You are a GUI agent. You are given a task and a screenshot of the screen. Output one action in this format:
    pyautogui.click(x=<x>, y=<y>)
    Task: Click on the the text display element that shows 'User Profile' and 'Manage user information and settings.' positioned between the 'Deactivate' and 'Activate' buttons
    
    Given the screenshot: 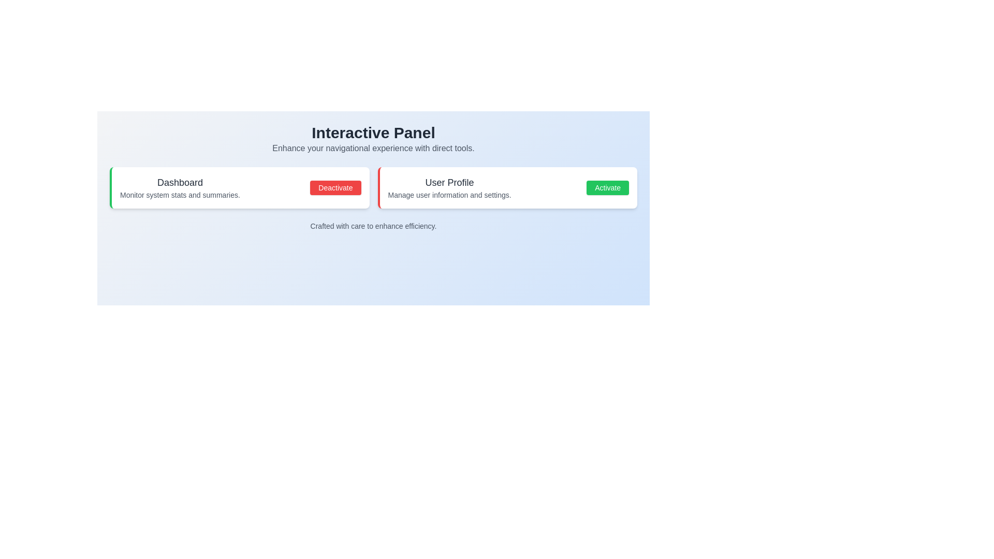 What is the action you would take?
    pyautogui.click(x=449, y=187)
    